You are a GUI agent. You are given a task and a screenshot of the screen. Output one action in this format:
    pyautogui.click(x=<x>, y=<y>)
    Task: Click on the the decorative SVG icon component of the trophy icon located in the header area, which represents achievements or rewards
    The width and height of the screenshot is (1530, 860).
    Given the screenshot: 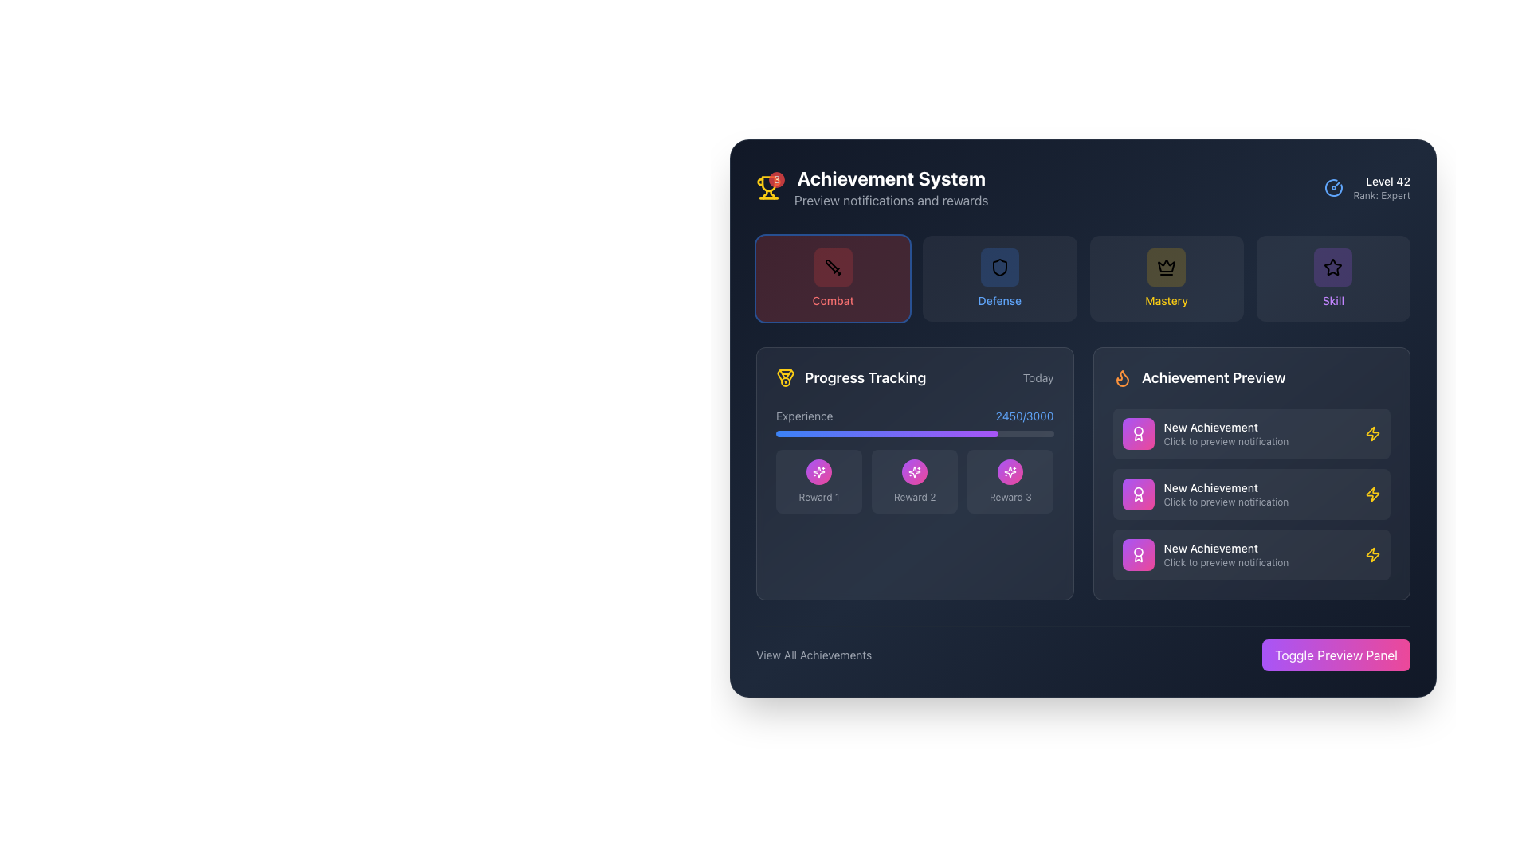 What is the action you would take?
    pyautogui.click(x=768, y=183)
    